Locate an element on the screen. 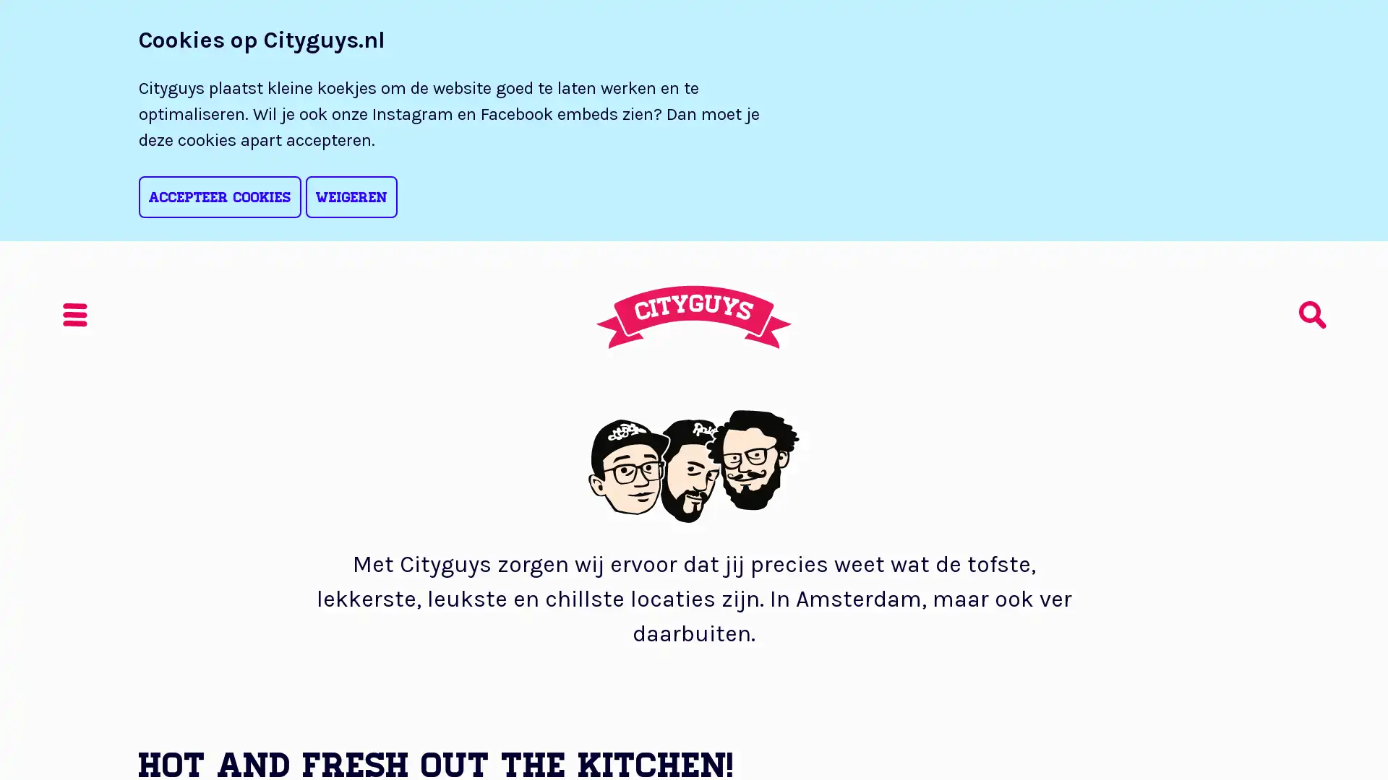 This screenshot has height=780, width=1388. Menu is located at coordinates (74, 316).